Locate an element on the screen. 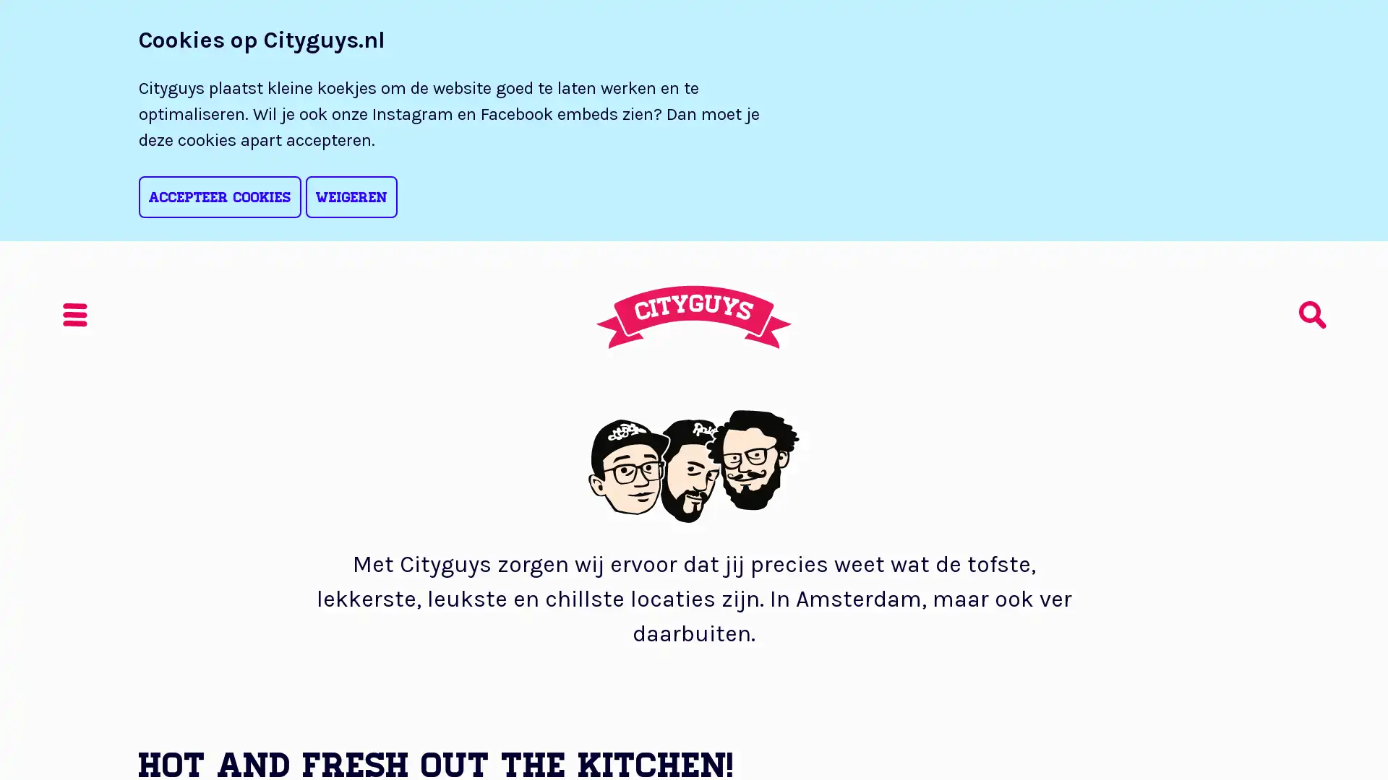 This screenshot has height=780, width=1388. Menu is located at coordinates (74, 316).